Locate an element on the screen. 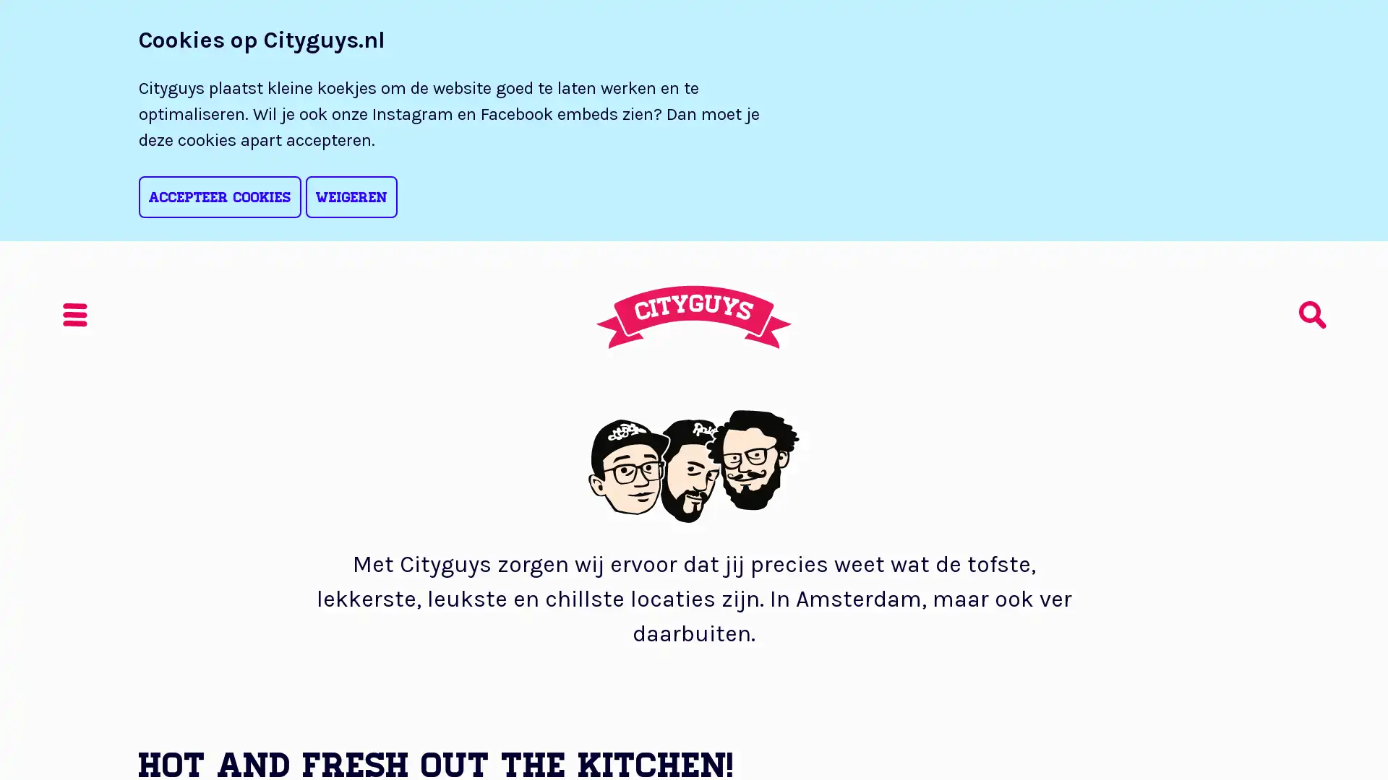 This screenshot has height=780, width=1388. Menu is located at coordinates (74, 316).